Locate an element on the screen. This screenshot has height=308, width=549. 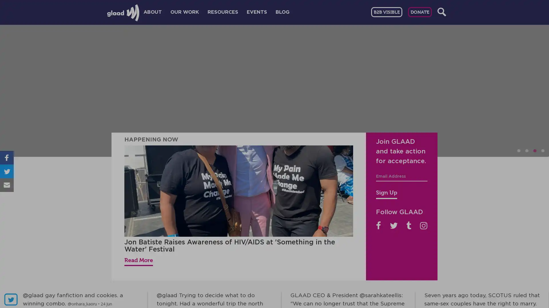
Close is located at coordinates (417, 68).